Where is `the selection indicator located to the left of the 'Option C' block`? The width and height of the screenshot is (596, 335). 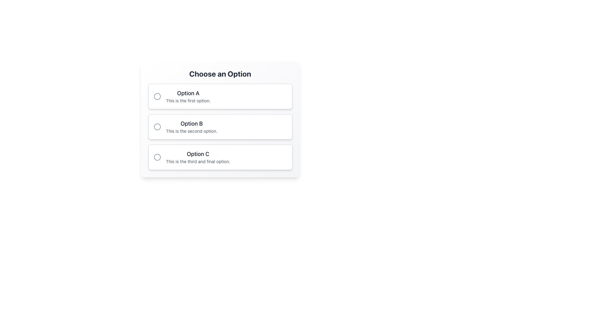 the selection indicator located to the left of the 'Option C' block is located at coordinates (157, 157).